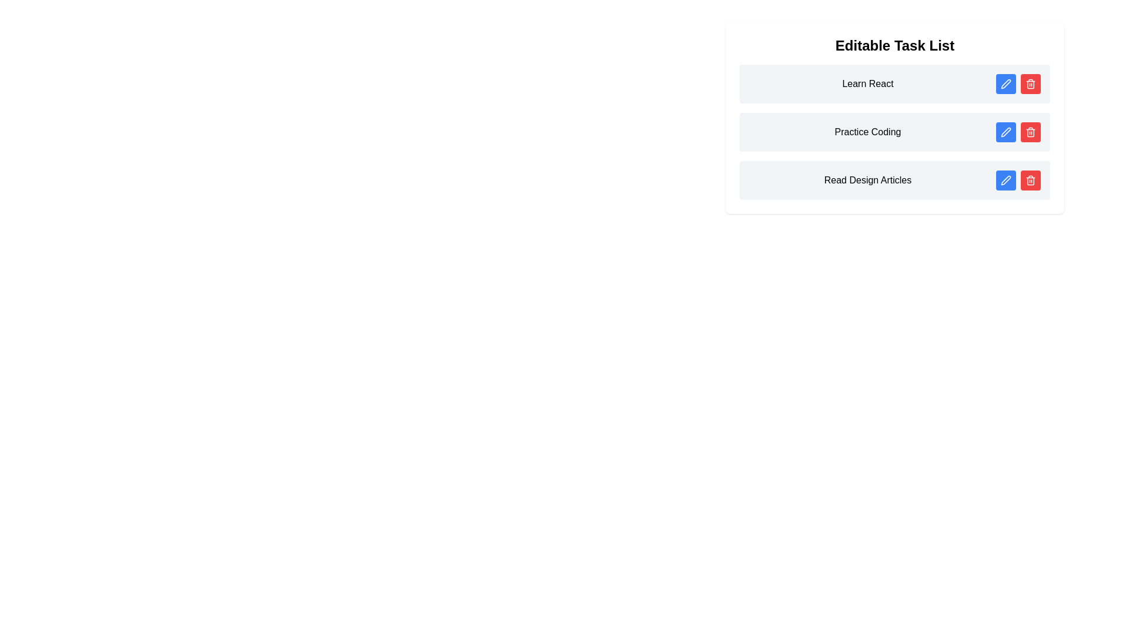  What do you see at coordinates (1018, 83) in the screenshot?
I see `the red trash bin button` at bounding box center [1018, 83].